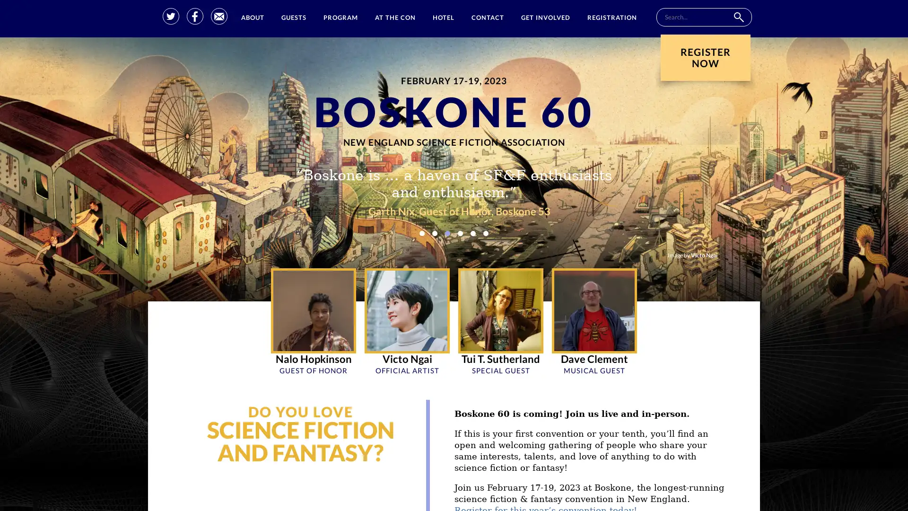 The width and height of the screenshot is (908, 511). What do you see at coordinates (738, 17) in the screenshot?
I see `Search` at bounding box center [738, 17].